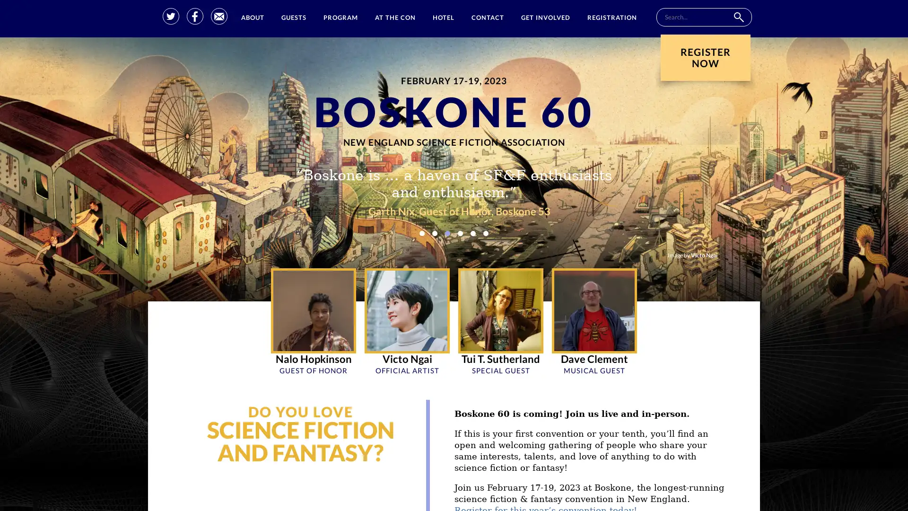 The width and height of the screenshot is (908, 511). What do you see at coordinates (738, 17) in the screenshot?
I see `Search` at bounding box center [738, 17].